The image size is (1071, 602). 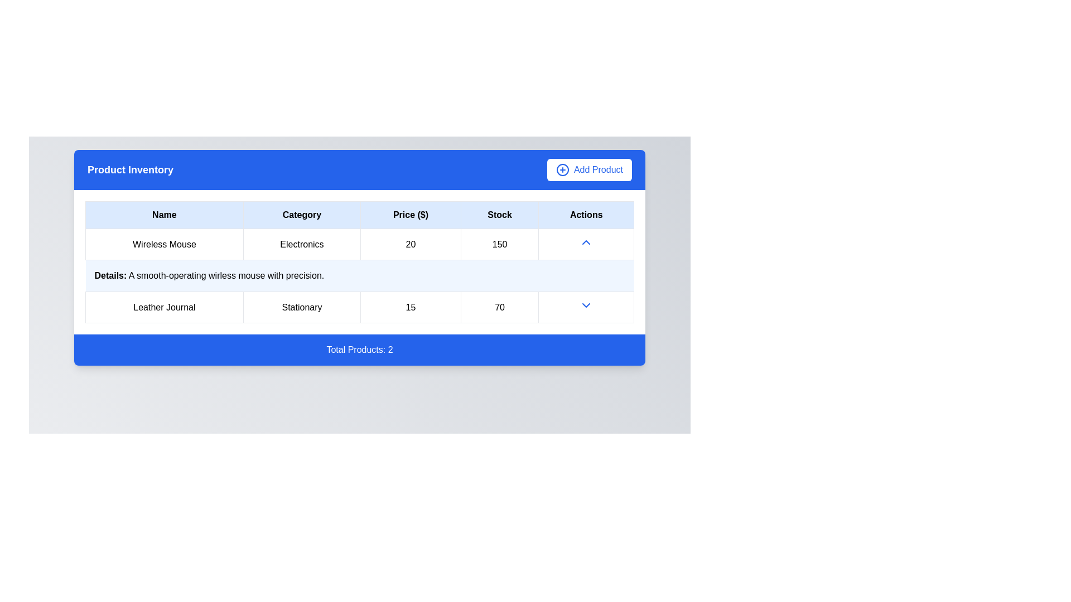 What do you see at coordinates (163, 215) in the screenshot?
I see `the 'Name' table header cell, which is the first column header in a table under the 'Product Inventory' section` at bounding box center [163, 215].